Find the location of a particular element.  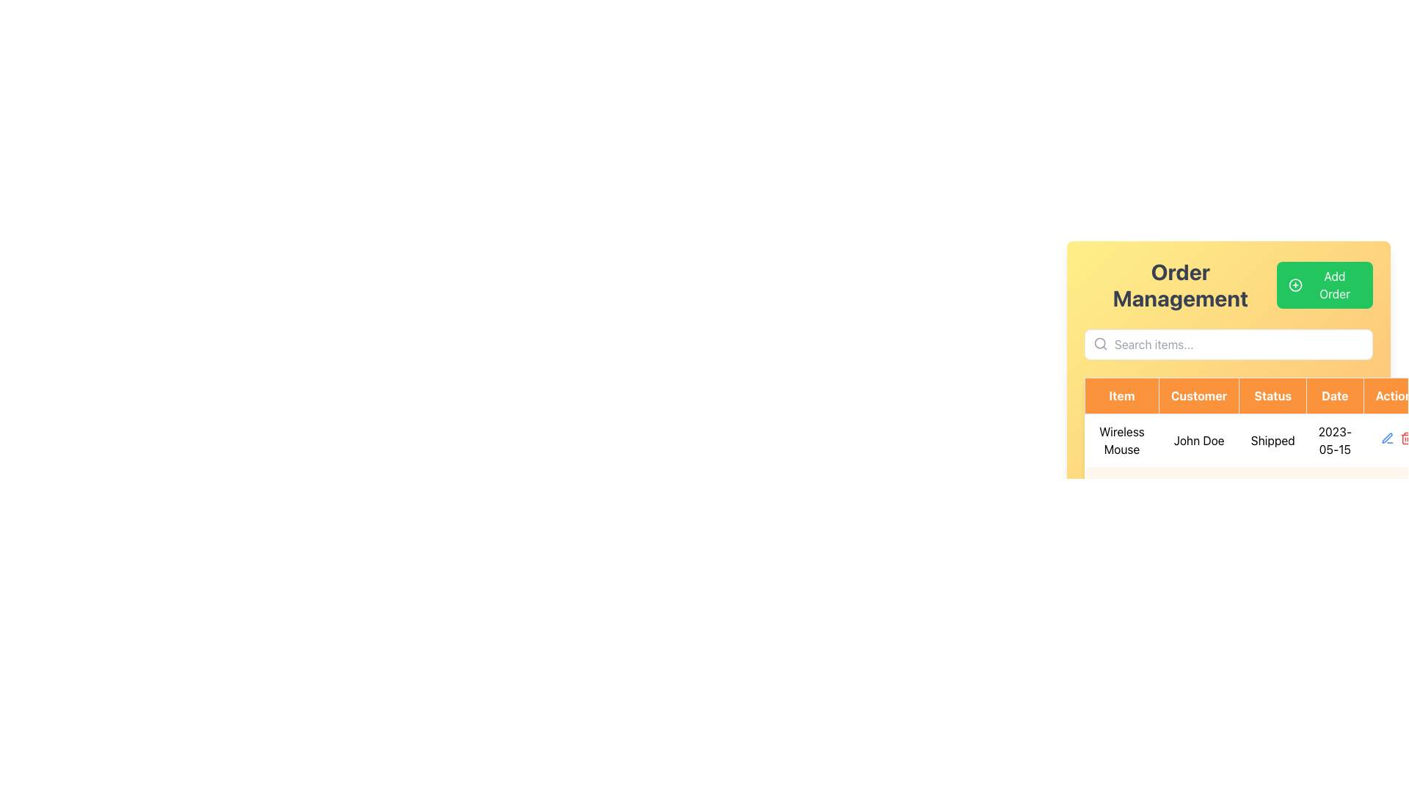

the circular icon with a hollow bordered circle and plus symbol located within the green 'Add Order' button in the upper-right corner of the populated table interface is located at coordinates (1295, 285).